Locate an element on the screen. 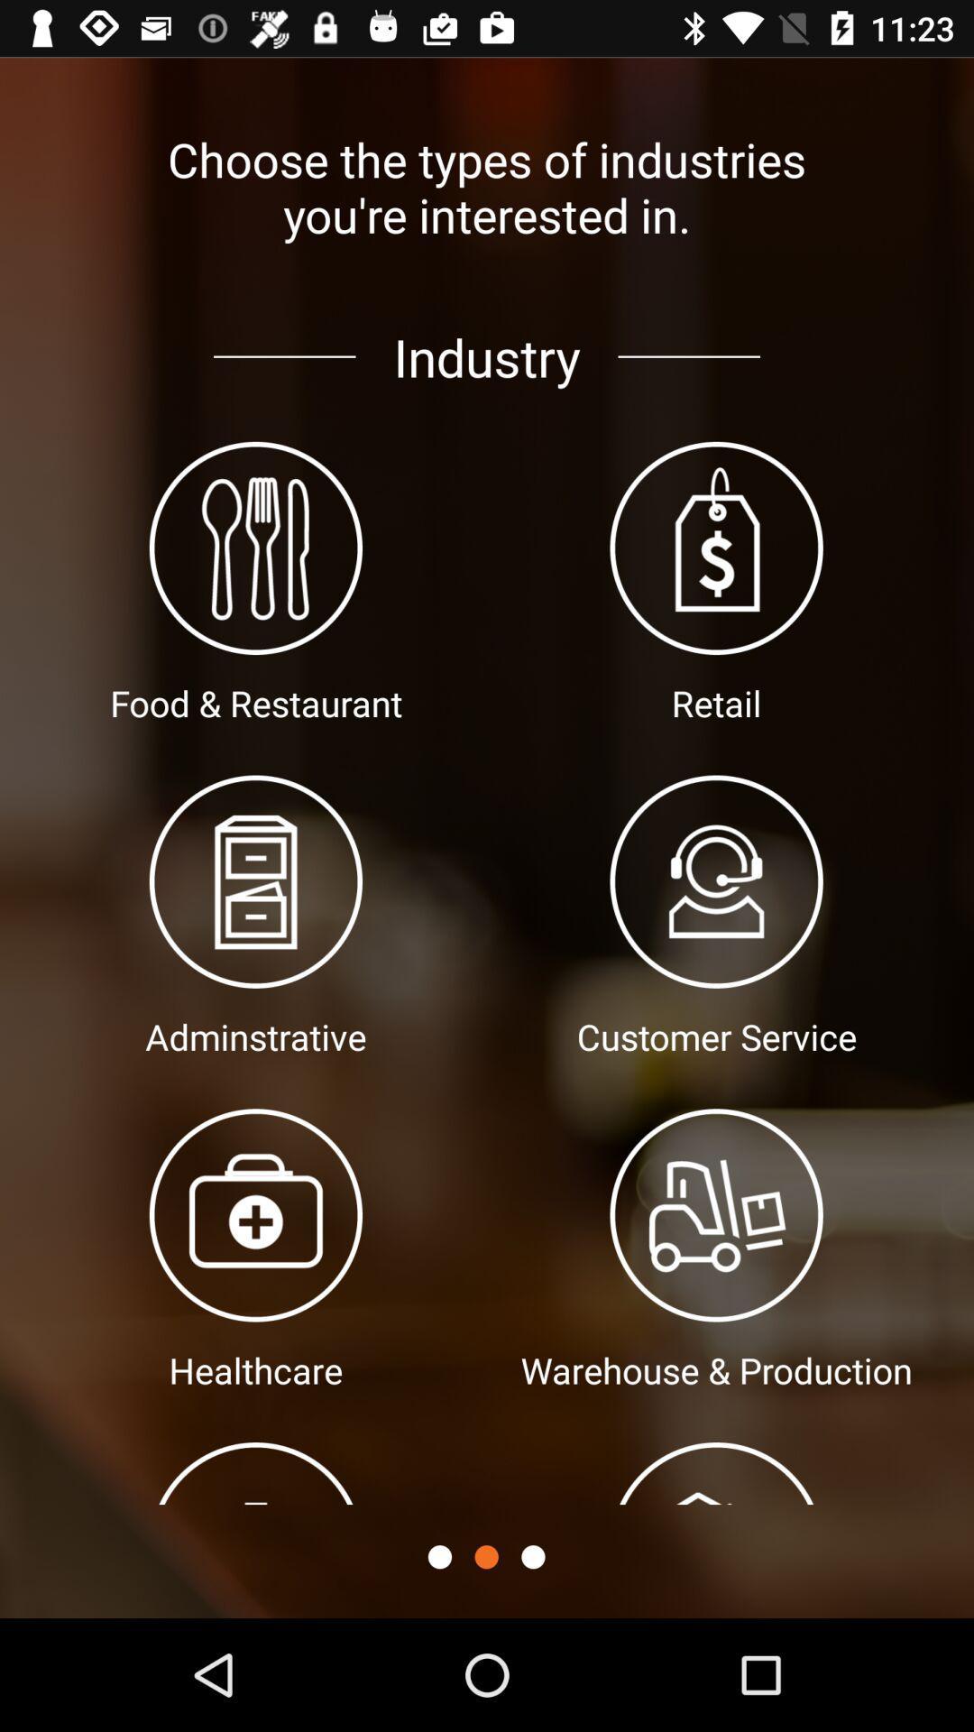 Image resolution: width=974 pixels, height=1732 pixels. first page is located at coordinates (439, 1556).